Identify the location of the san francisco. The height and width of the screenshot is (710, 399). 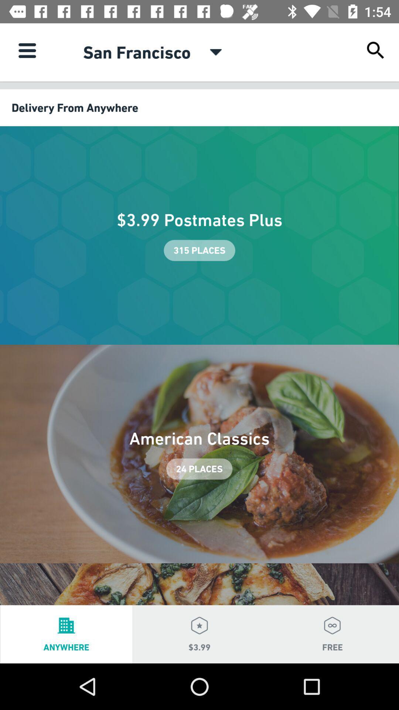
(137, 52).